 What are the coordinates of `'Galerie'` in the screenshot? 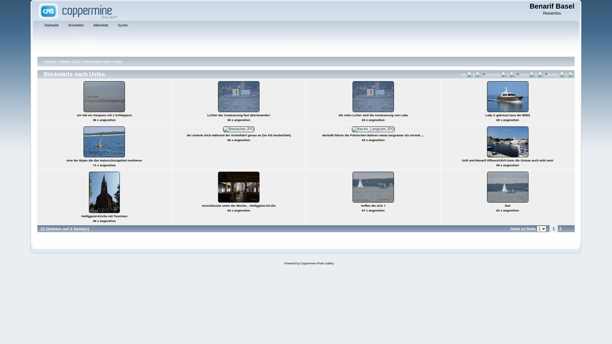 It's located at (49, 61).